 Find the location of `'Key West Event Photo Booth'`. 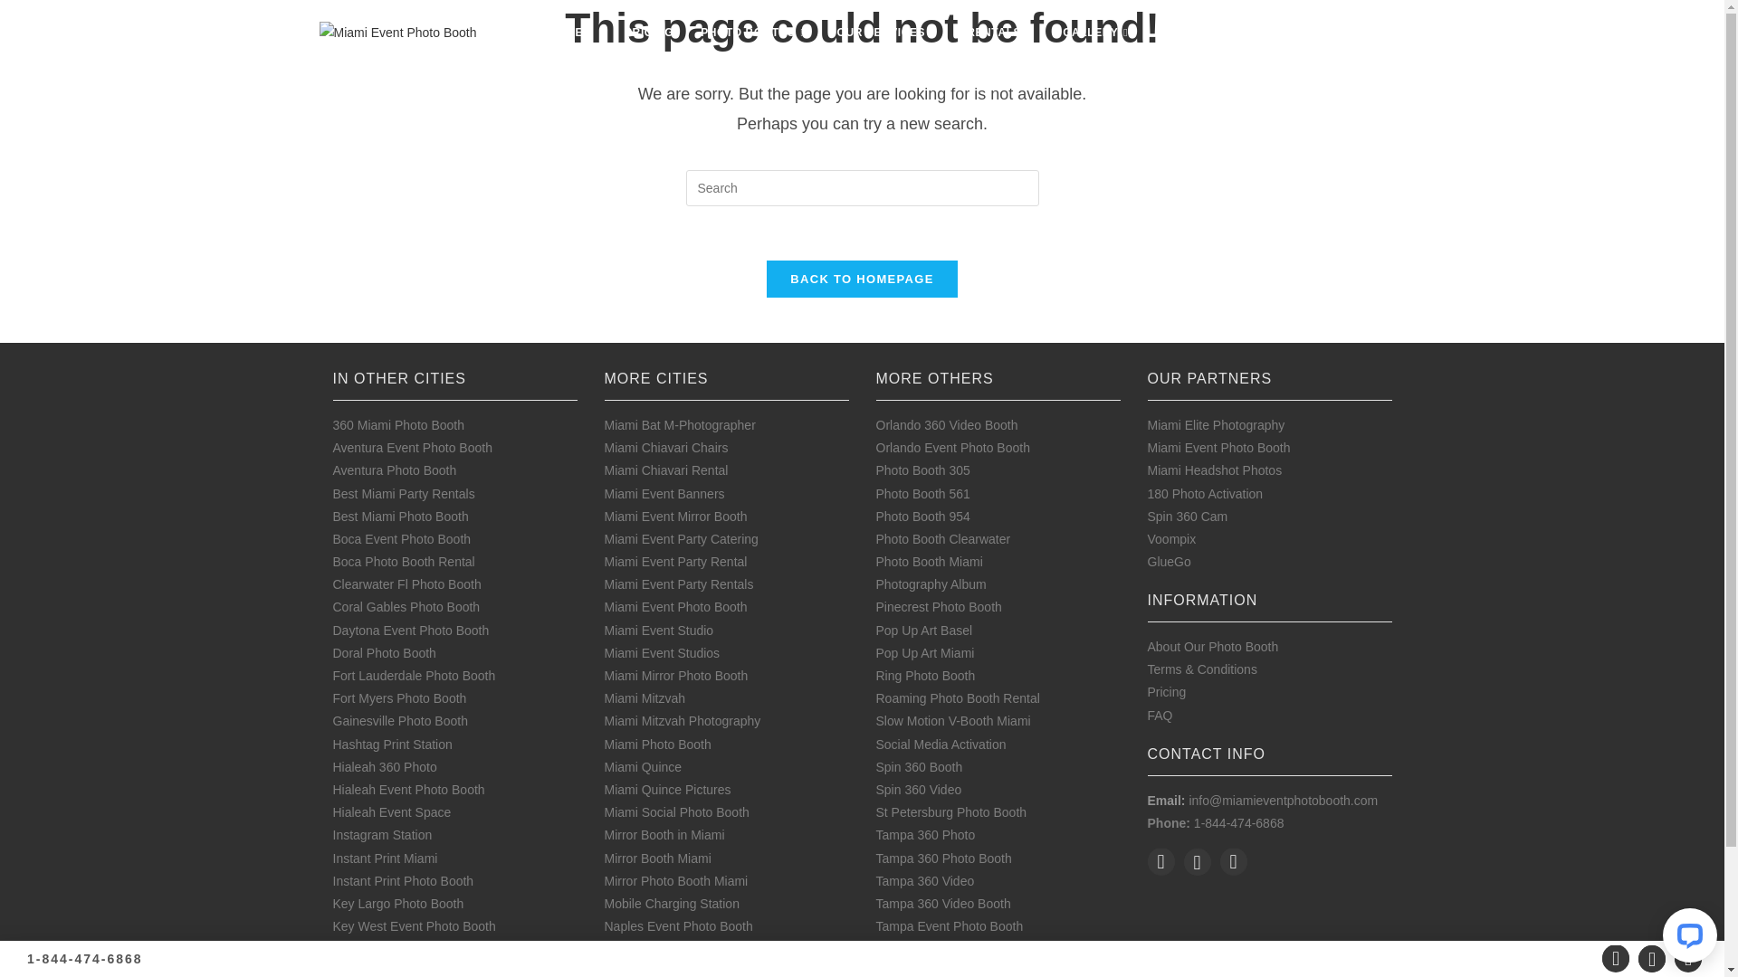

'Key West Event Photo Booth' is located at coordinates (413, 925).